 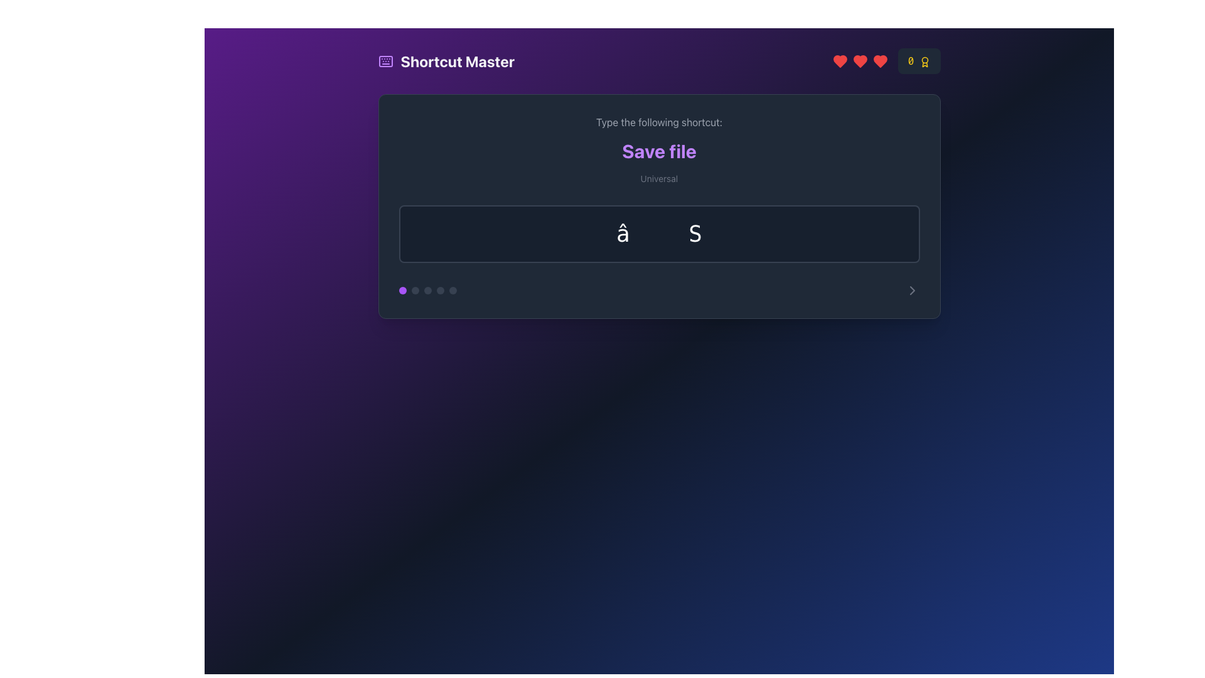 What do you see at coordinates (658, 150) in the screenshot?
I see `the Text label that indicates the action related to saving a file, positioned below 'Type the following shortcut:' and above 'Universal'` at bounding box center [658, 150].